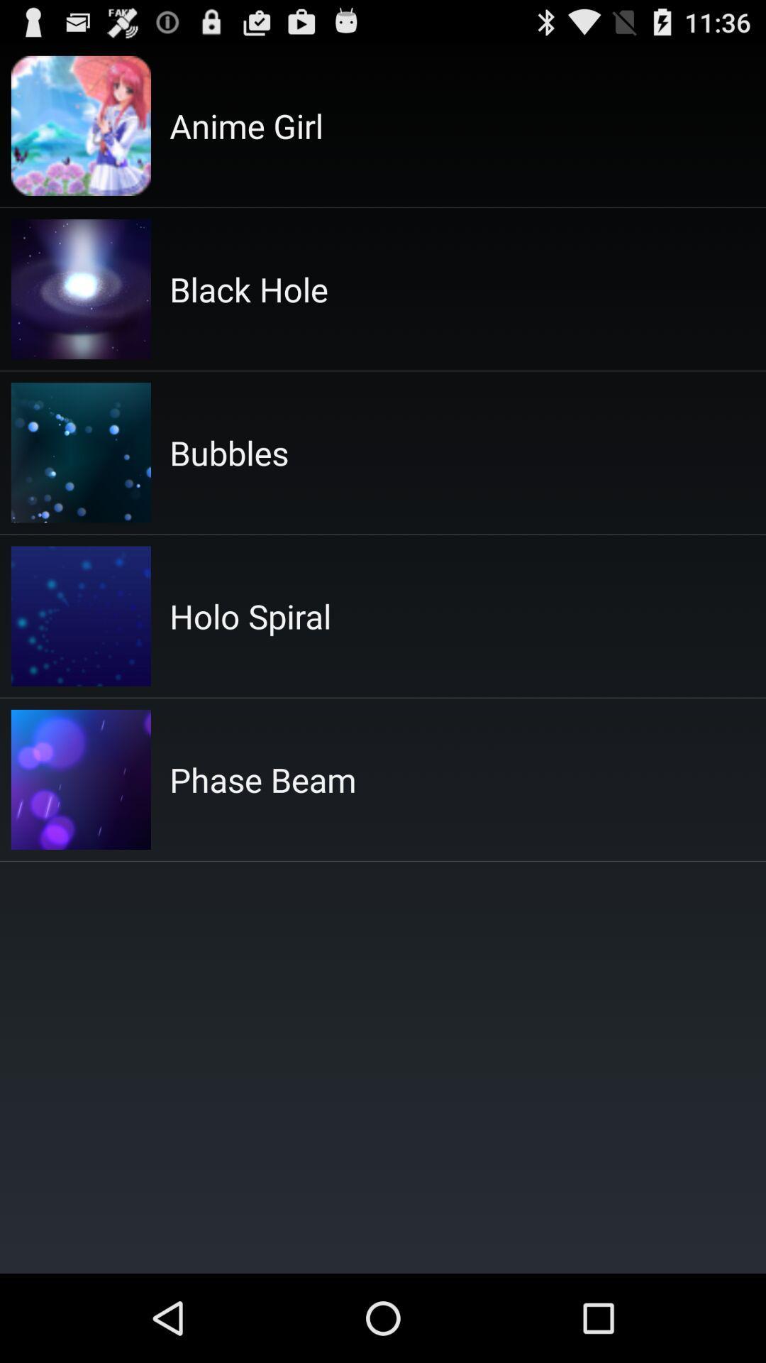  What do you see at coordinates (228, 451) in the screenshot?
I see `the bubbles app` at bounding box center [228, 451].